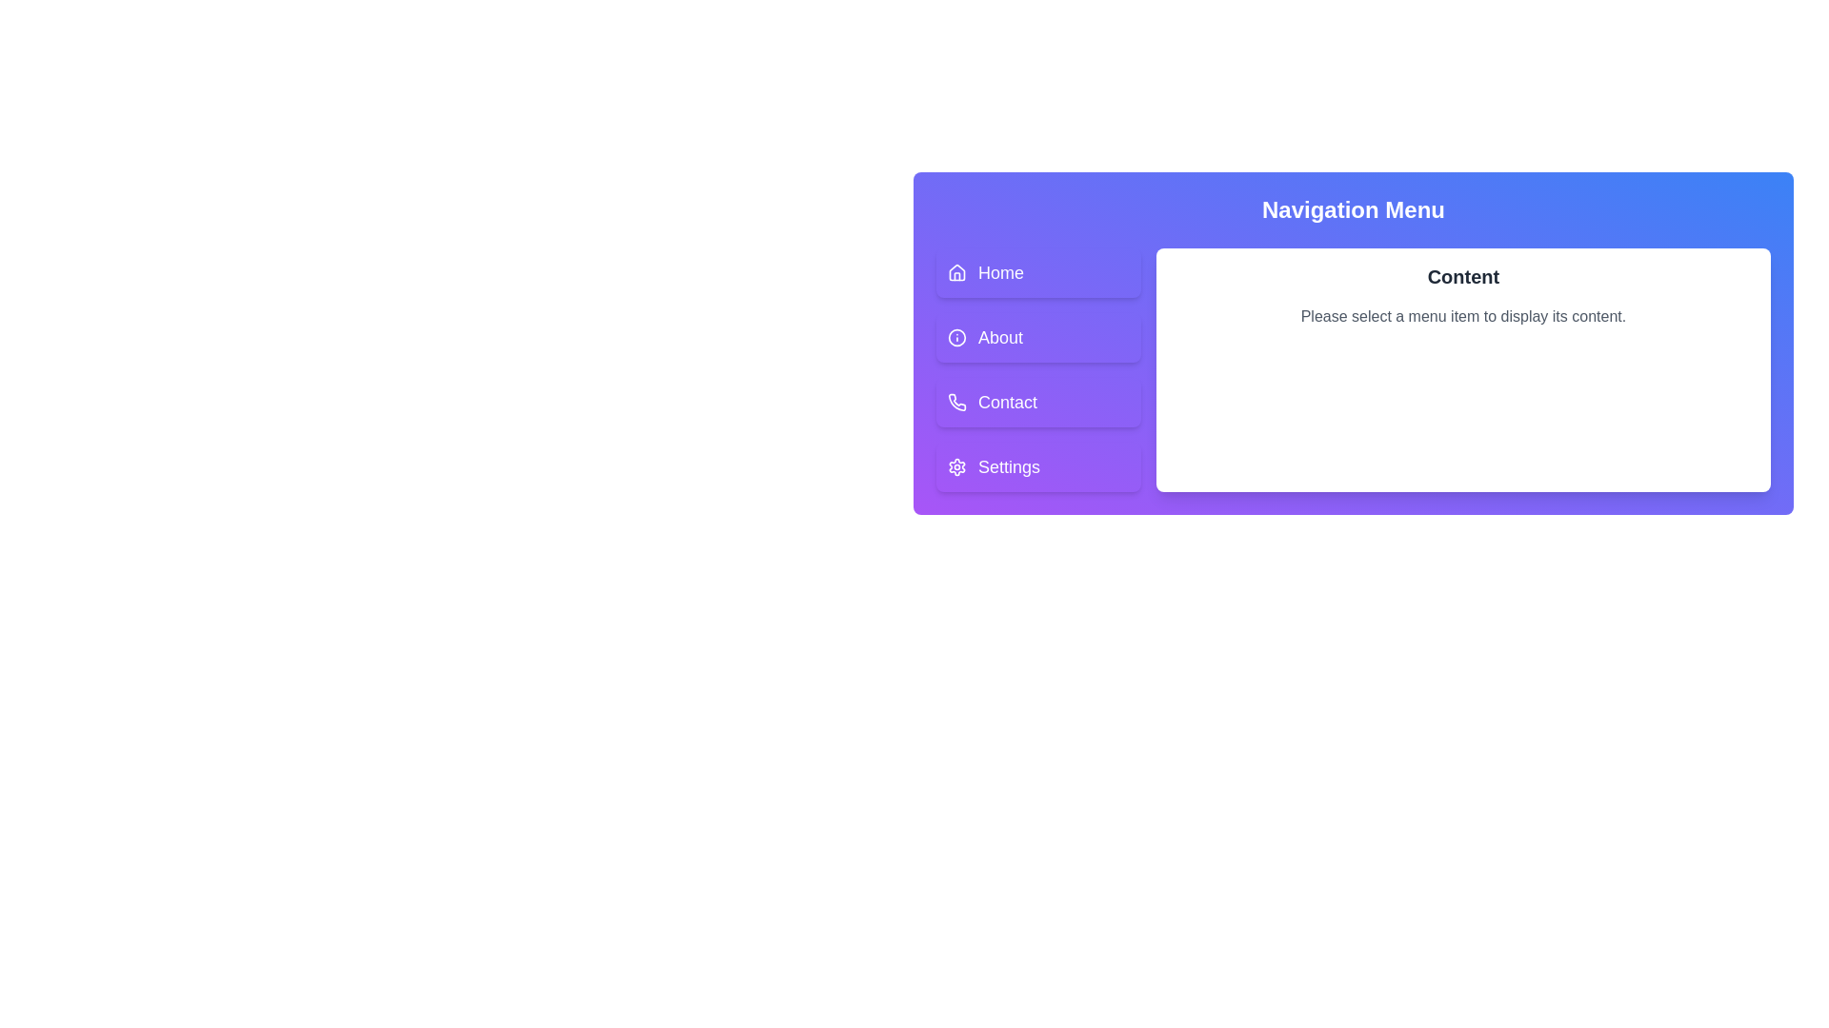  What do you see at coordinates (1037, 336) in the screenshot?
I see `the 'About' button, which is the second navigation option located below the 'Home' button and above the 'Contact' button on the left side of the layout` at bounding box center [1037, 336].